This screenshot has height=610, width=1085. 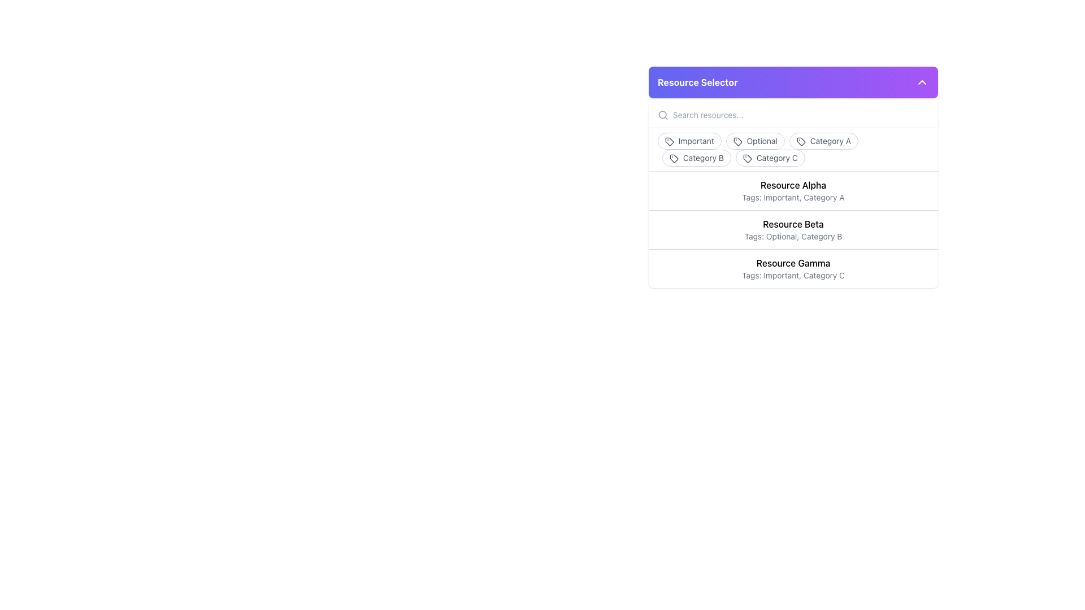 I want to click on the small gray outline tag icon located to the left of the text 'Category B' within the button labeled 'Category B', so click(x=674, y=159).